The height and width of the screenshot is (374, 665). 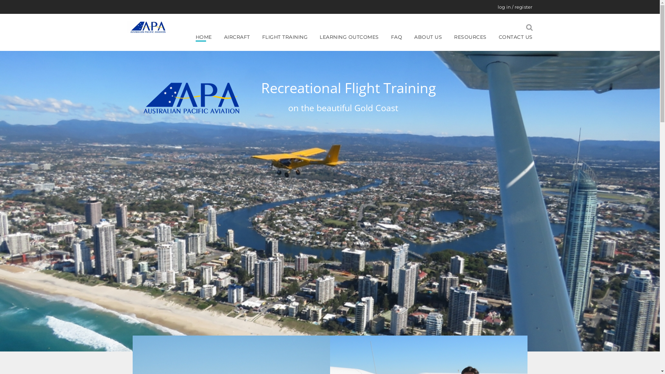 I want to click on 'AIRCRAFT', so click(x=241, y=37).